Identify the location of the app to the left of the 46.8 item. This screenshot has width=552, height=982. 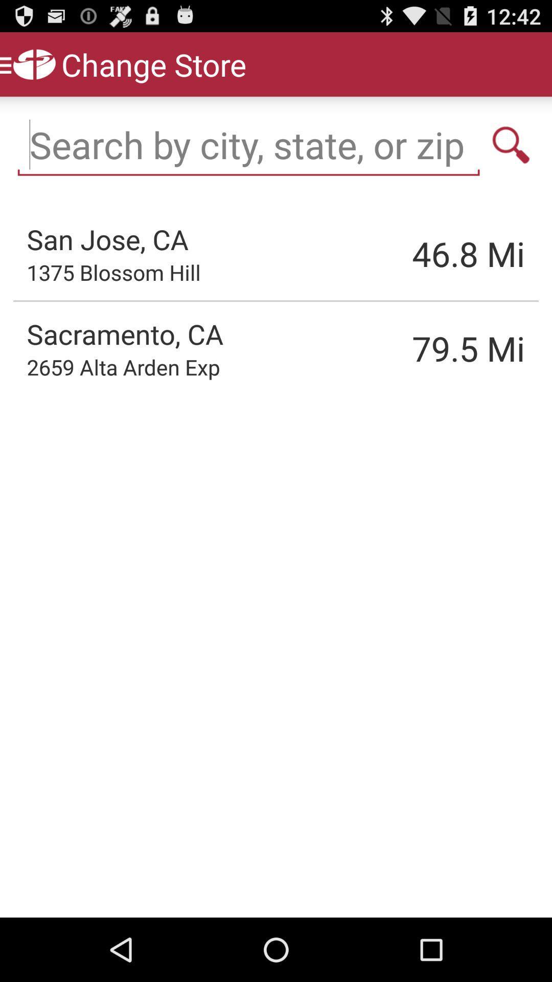
(107, 238).